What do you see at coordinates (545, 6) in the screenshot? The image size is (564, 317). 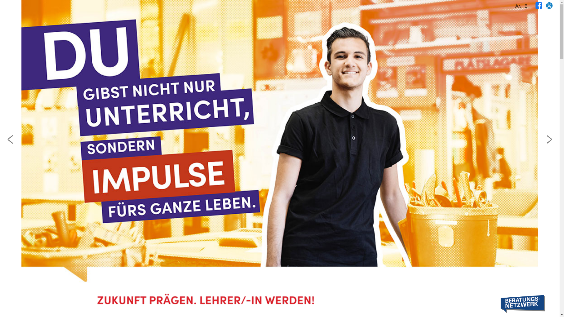 I see `' '` at bounding box center [545, 6].